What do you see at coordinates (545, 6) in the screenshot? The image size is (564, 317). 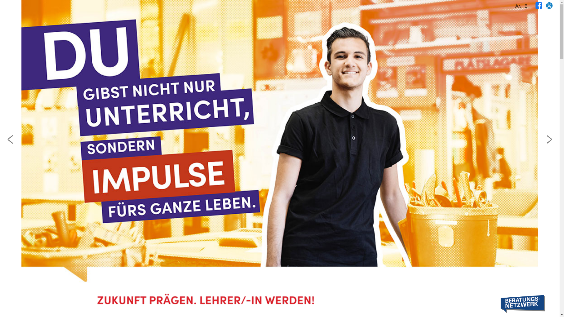 I see `' '` at bounding box center [545, 6].